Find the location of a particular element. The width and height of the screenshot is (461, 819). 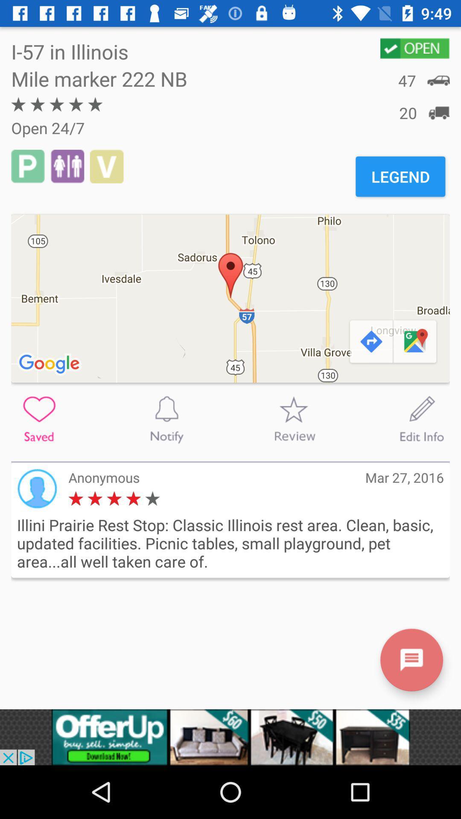

the chat icon is located at coordinates (411, 659).